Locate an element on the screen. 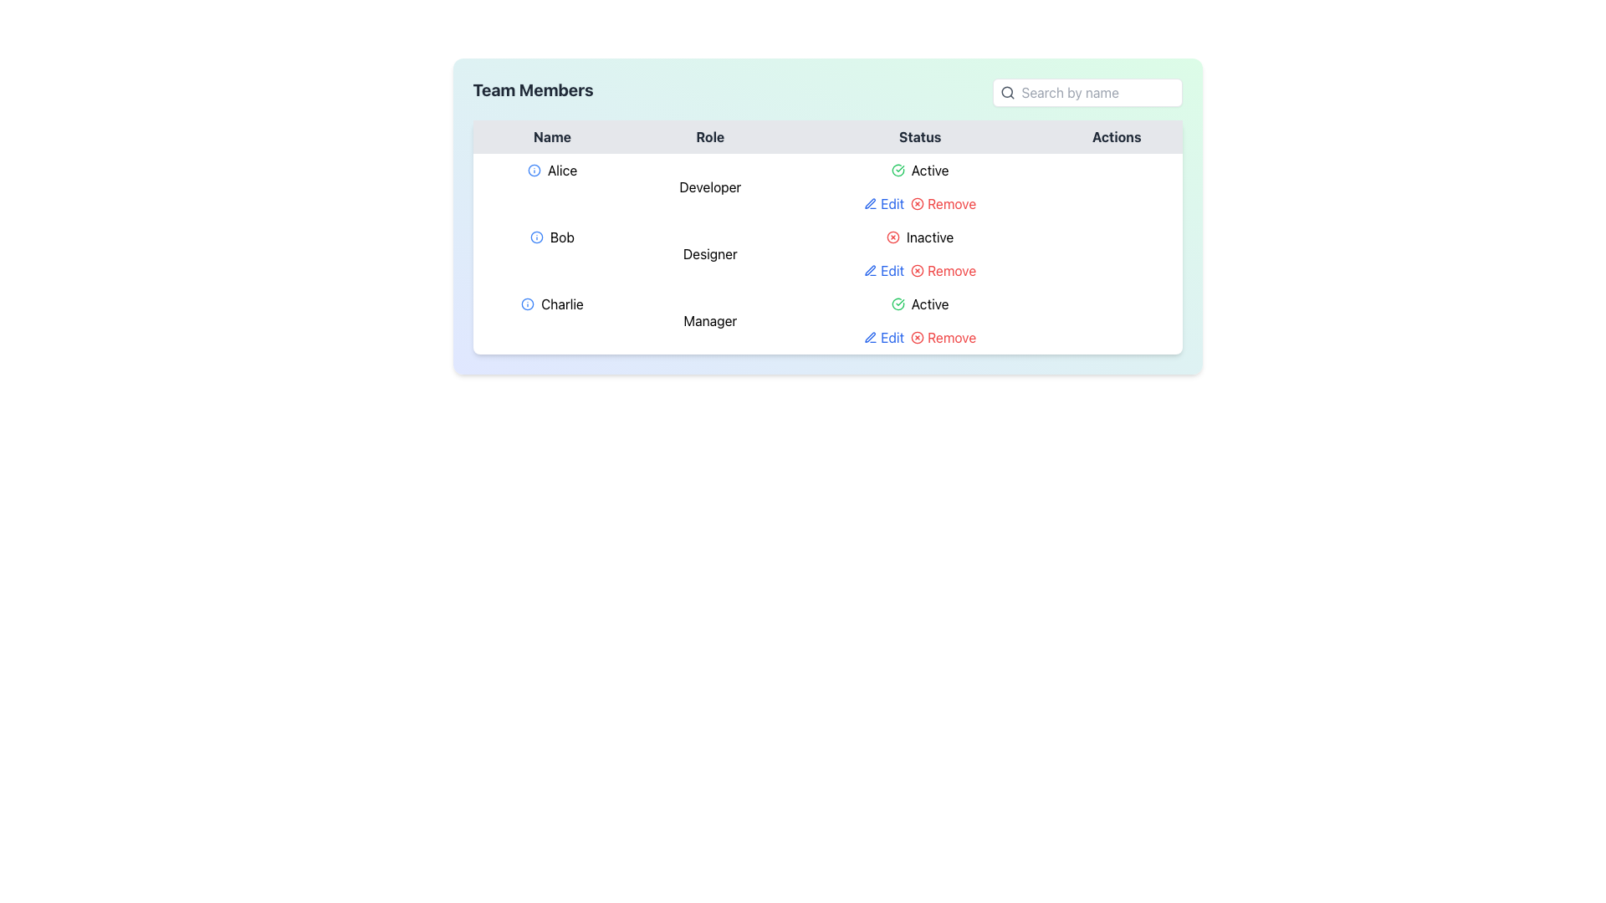  keyboard navigation is located at coordinates (527, 304).